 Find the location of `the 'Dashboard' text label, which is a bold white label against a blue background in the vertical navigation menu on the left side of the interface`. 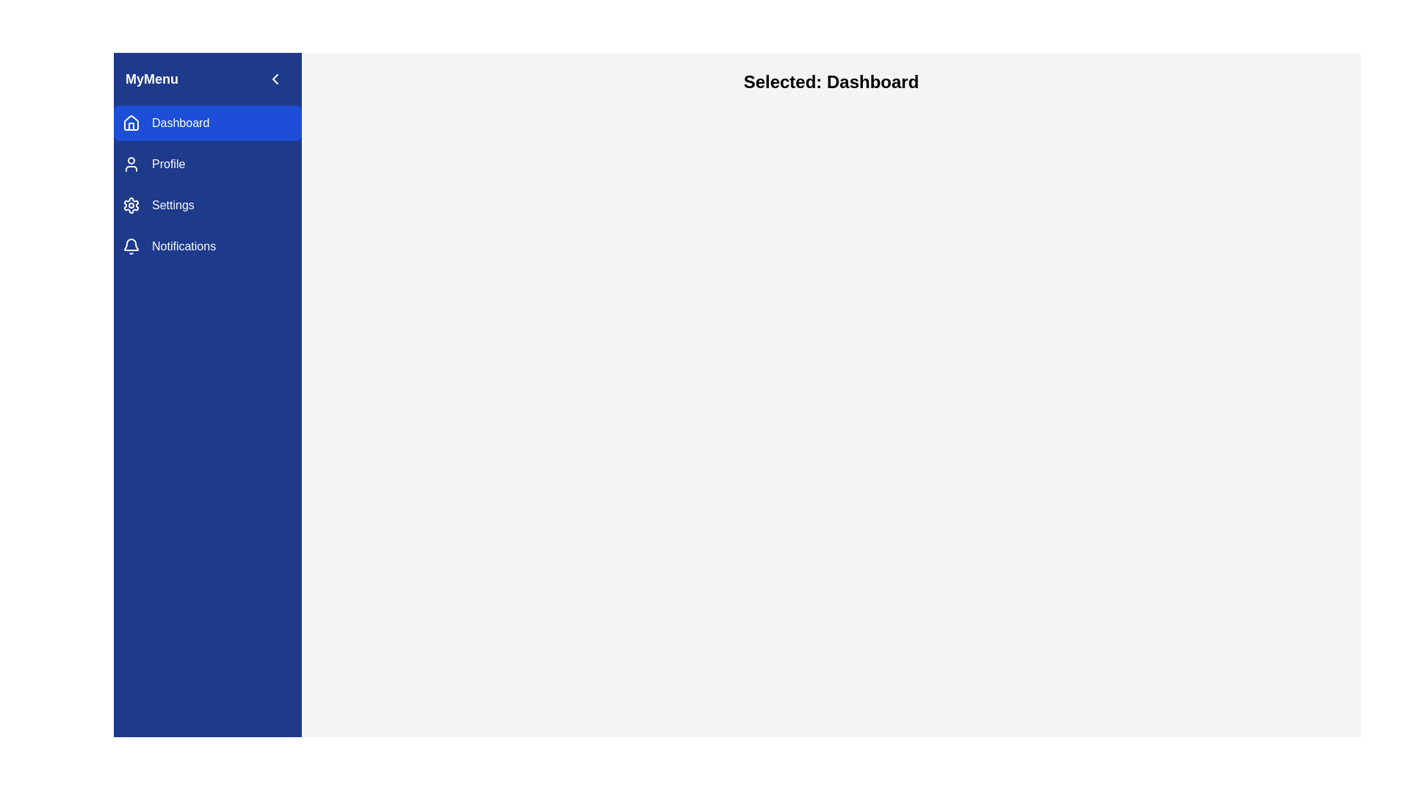

the 'Dashboard' text label, which is a bold white label against a blue background in the vertical navigation menu on the left side of the interface is located at coordinates (180, 123).